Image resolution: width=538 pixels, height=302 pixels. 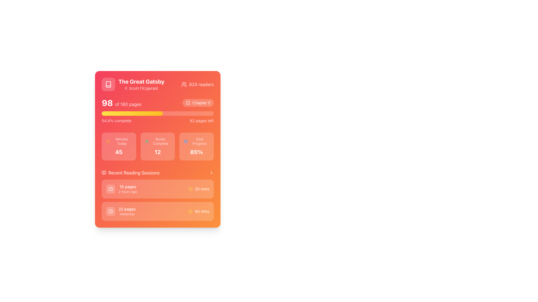 I want to click on the text label that indicates the number of pages remaining in the current book, located in the top-right quadrant of the card interface, adjacent to a progress bar, so click(x=202, y=121).